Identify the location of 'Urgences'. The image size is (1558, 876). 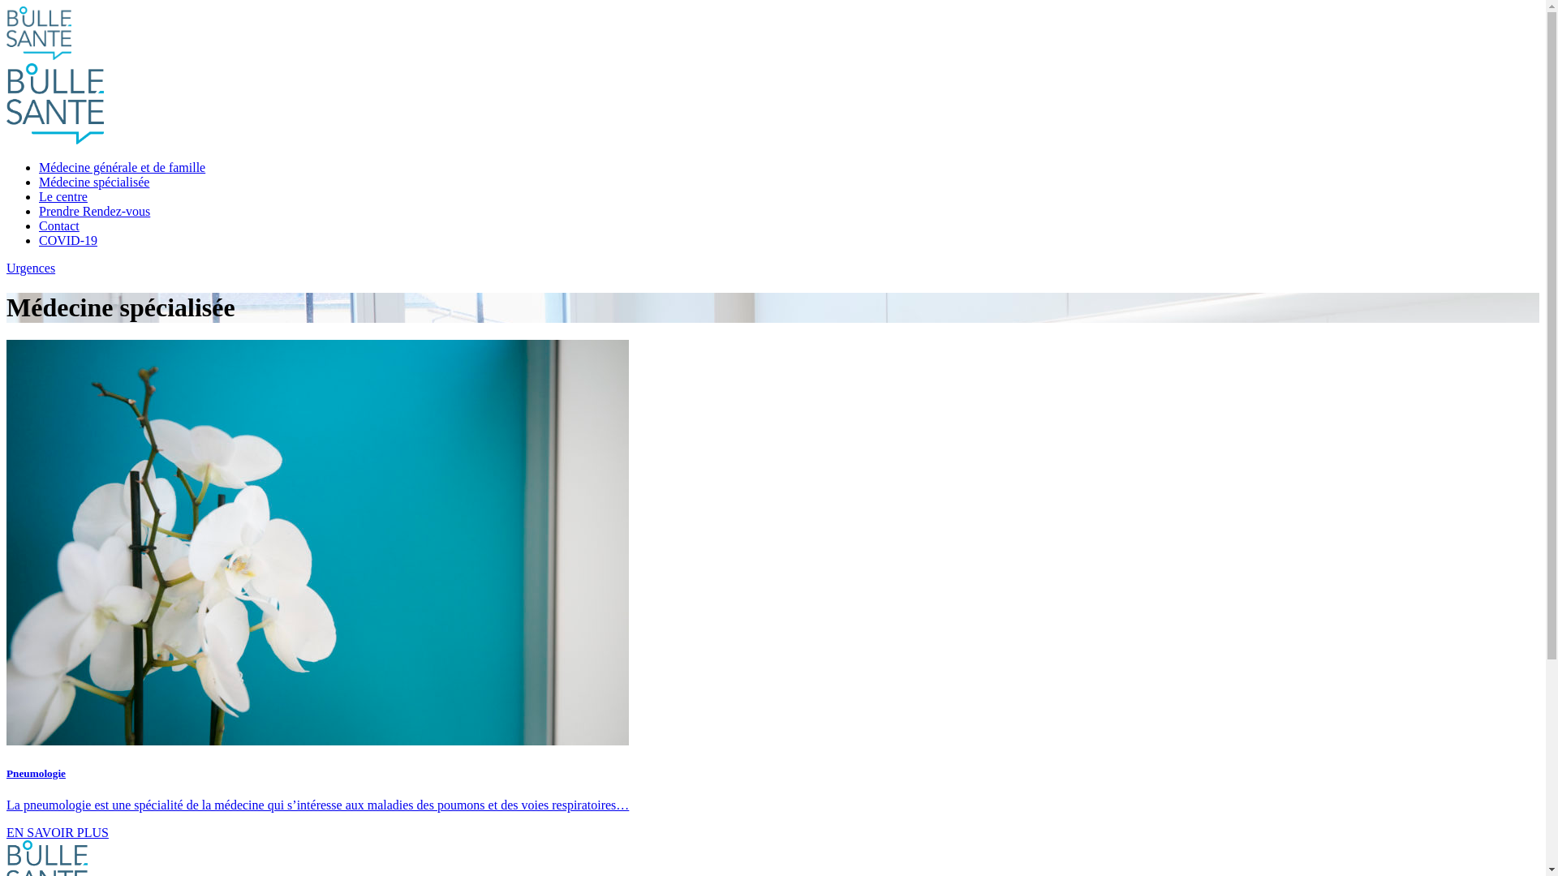
(772, 268).